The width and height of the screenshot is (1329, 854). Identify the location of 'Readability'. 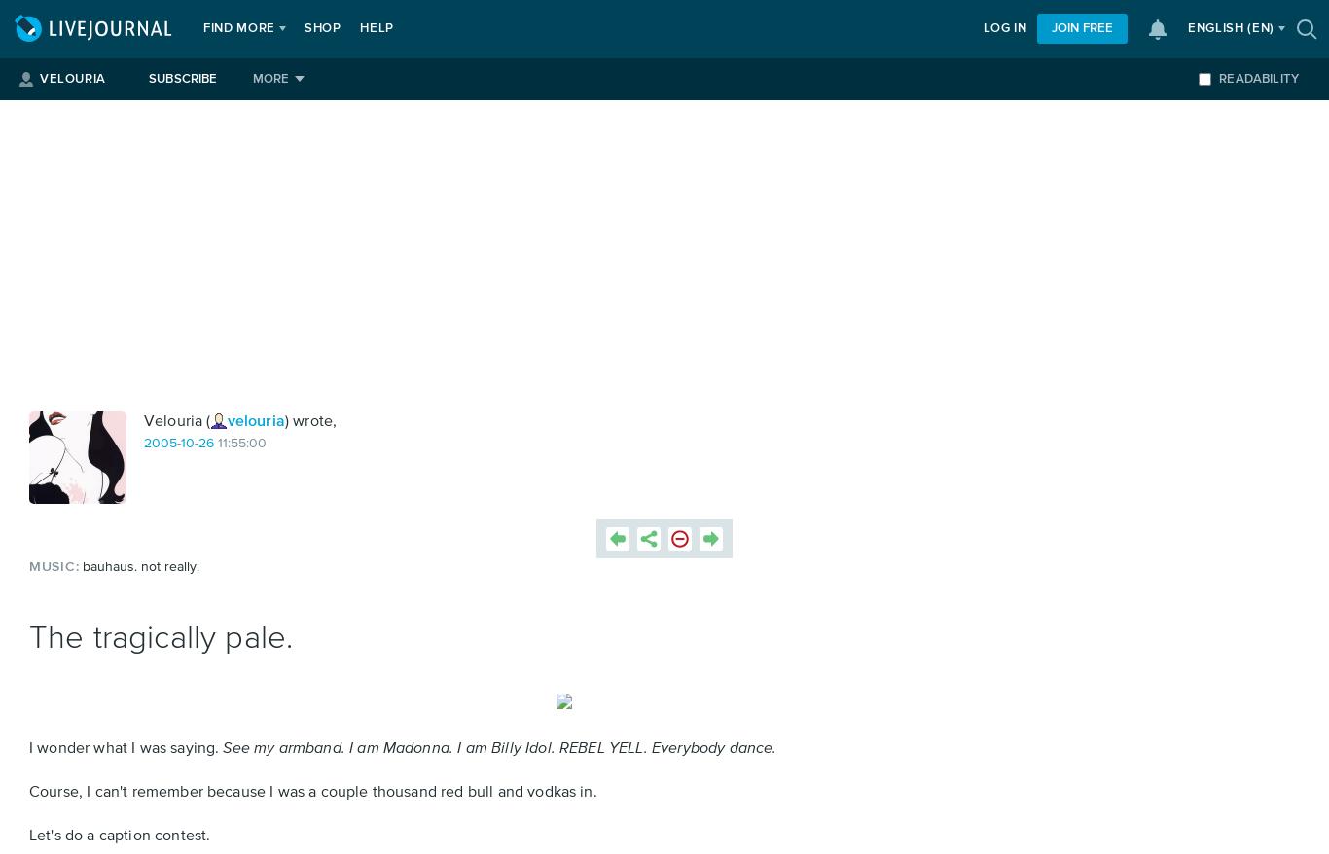
(1258, 79).